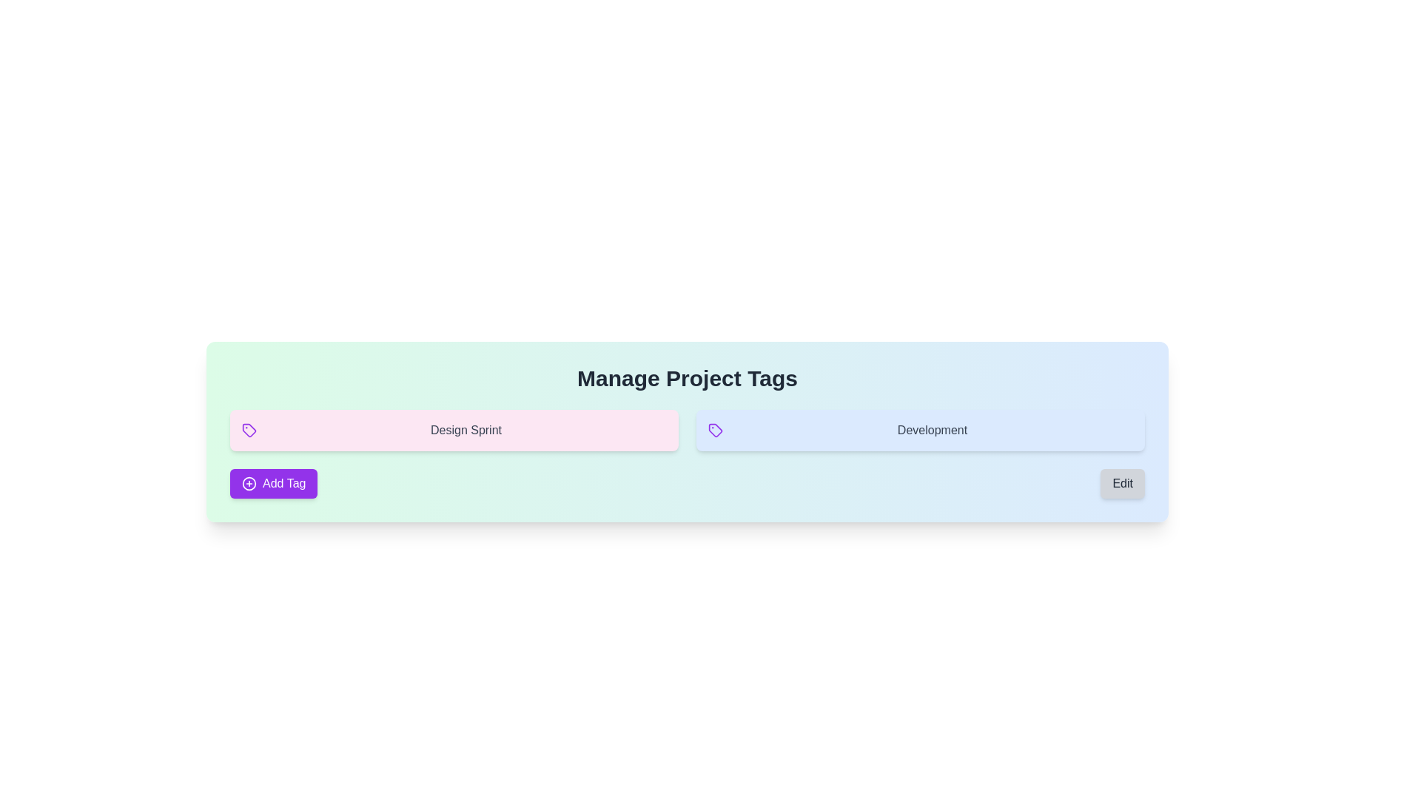  What do you see at coordinates (715, 431) in the screenshot?
I see `the purple tag icon with a circular hole detail located in the 'Manage Project Tags' section, adjacent to the 'Development' label` at bounding box center [715, 431].